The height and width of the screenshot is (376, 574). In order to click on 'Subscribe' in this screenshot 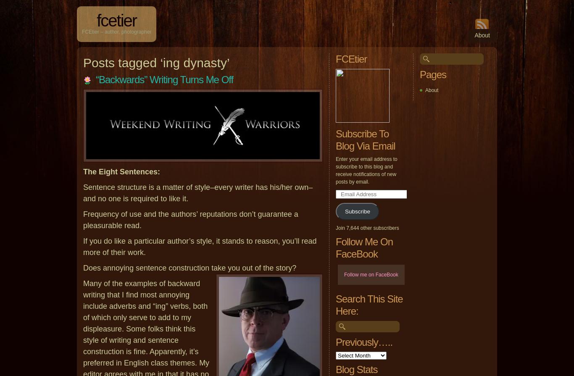, I will do `click(357, 211)`.